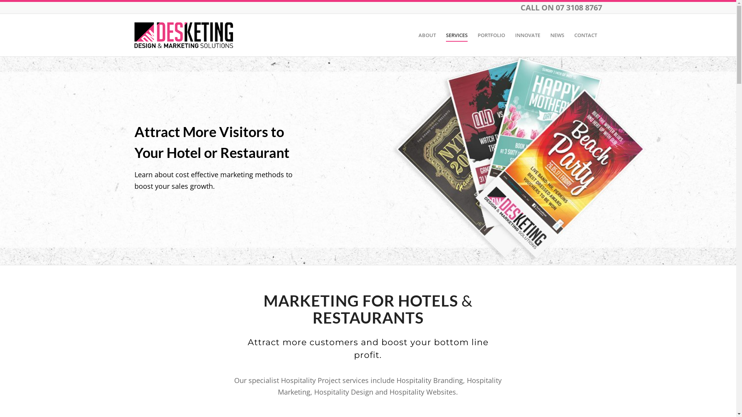 This screenshot has width=742, height=417. What do you see at coordinates (556, 35) in the screenshot?
I see `'NEWS'` at bounding box center [556, 35].